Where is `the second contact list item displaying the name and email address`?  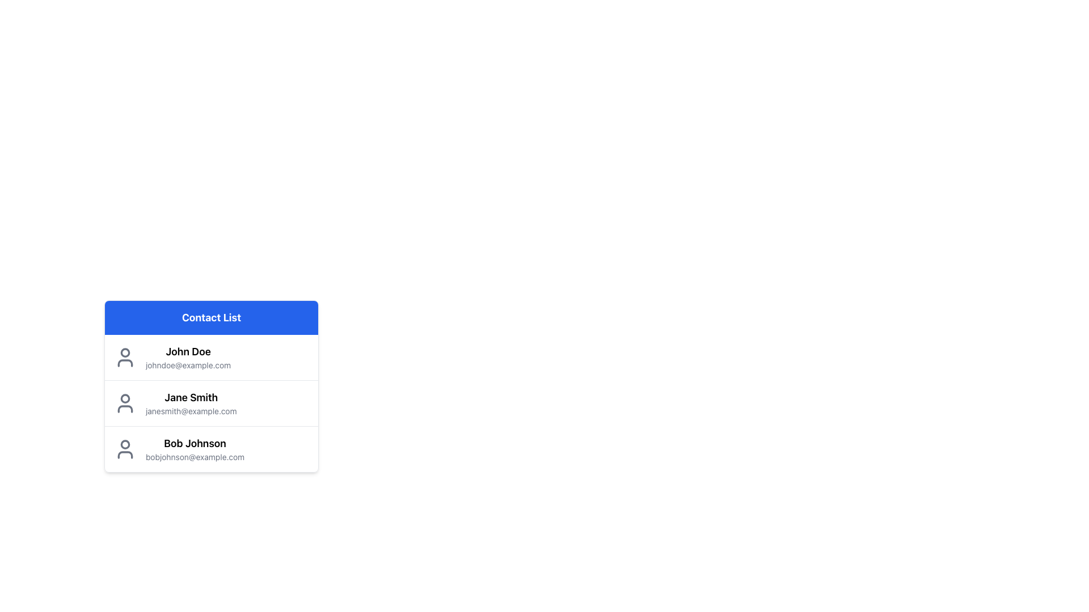 the second contact list item displaying the name and email address is located at coordinates (212, 386).